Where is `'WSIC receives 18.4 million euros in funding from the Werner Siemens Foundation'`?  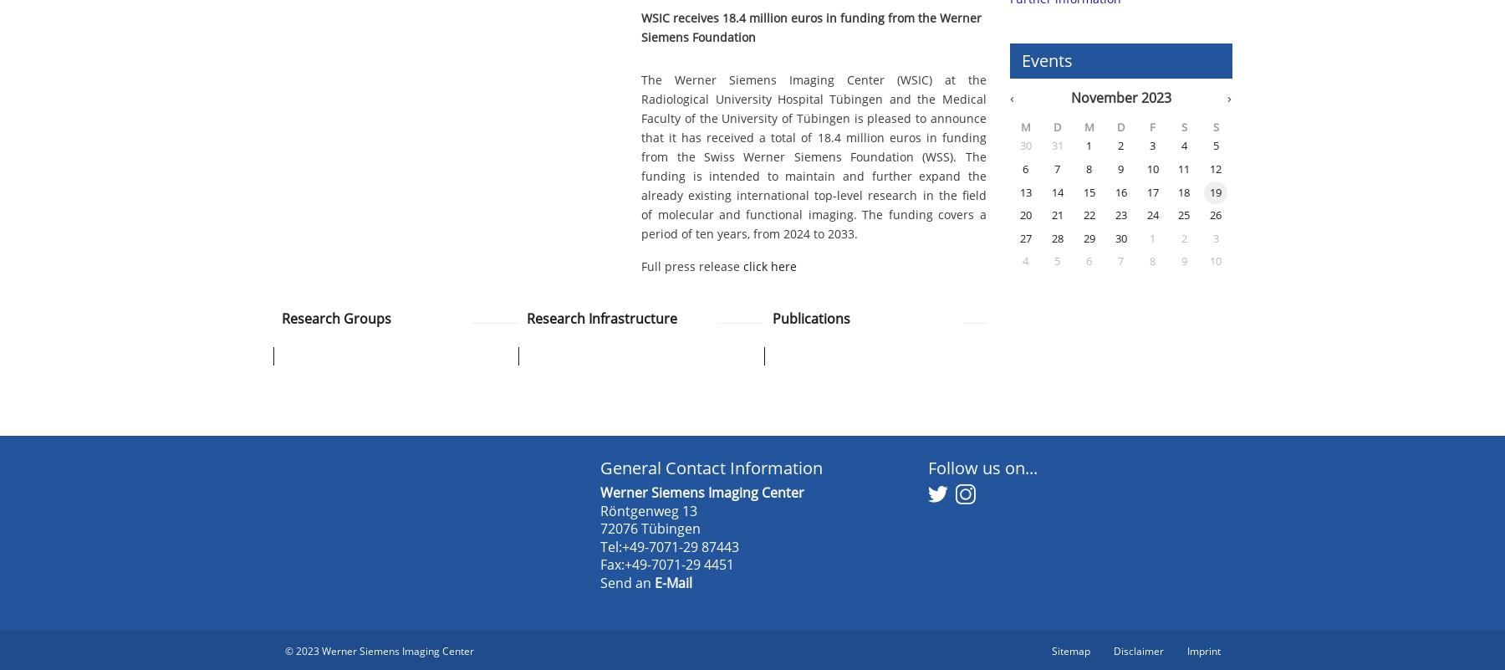 'WSIC receives 18.4 million euros in funding from the Werner Siemens Foundation' is located at coordinates (810, 28).